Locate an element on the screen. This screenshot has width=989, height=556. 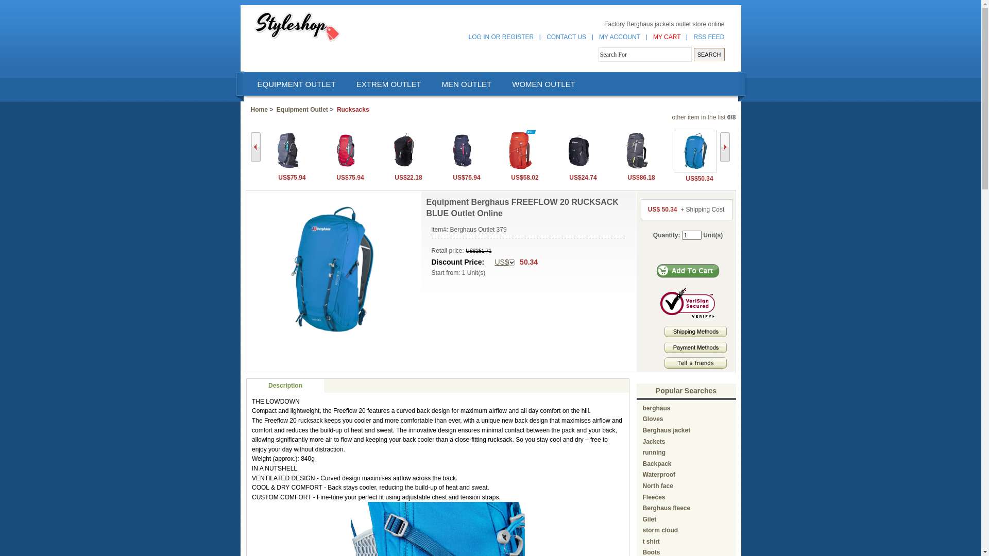
'Rucksacks' is located at coordinates (353, 109).